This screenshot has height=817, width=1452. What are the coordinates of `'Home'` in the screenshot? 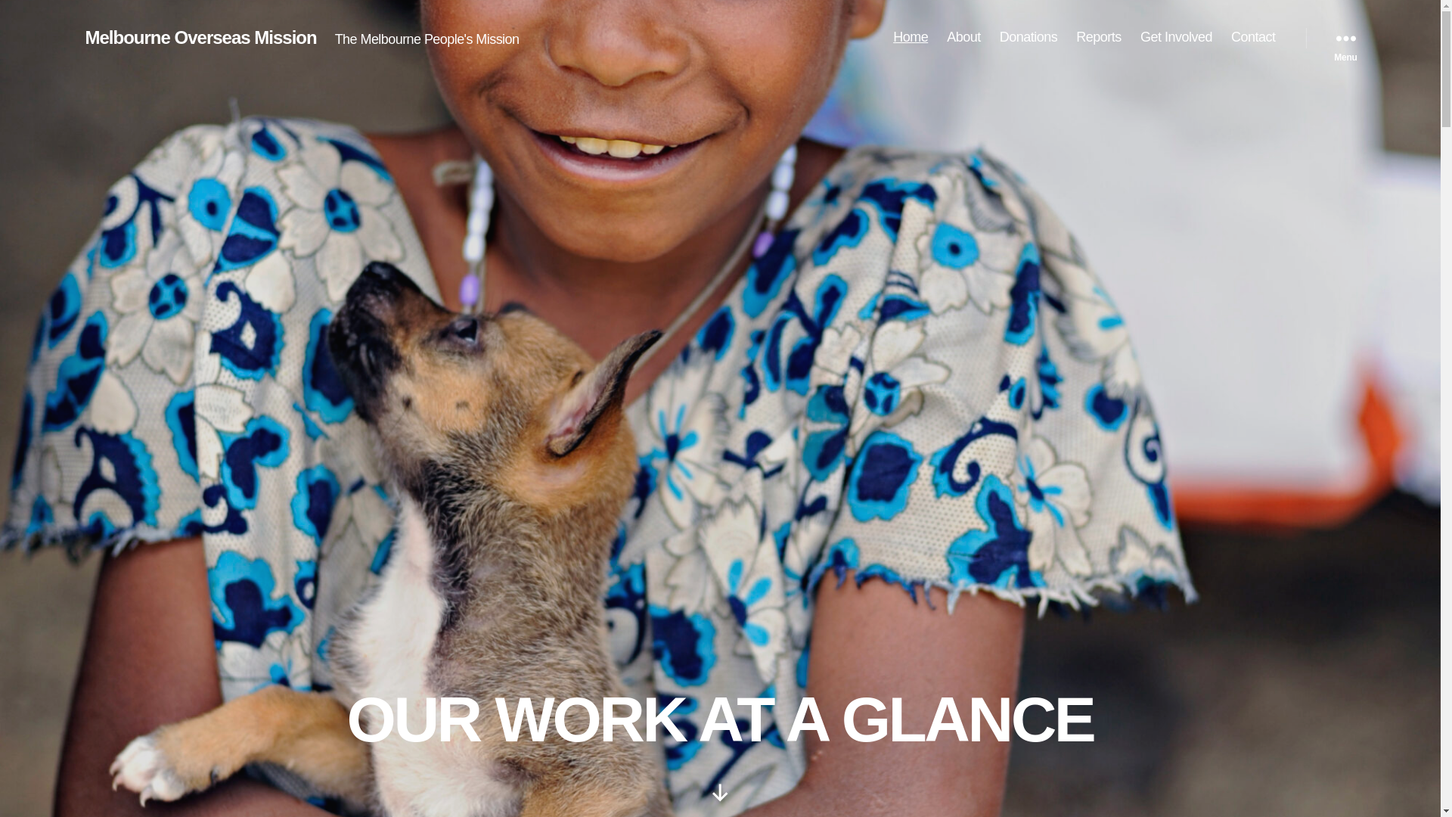 It's located at (910, 37).